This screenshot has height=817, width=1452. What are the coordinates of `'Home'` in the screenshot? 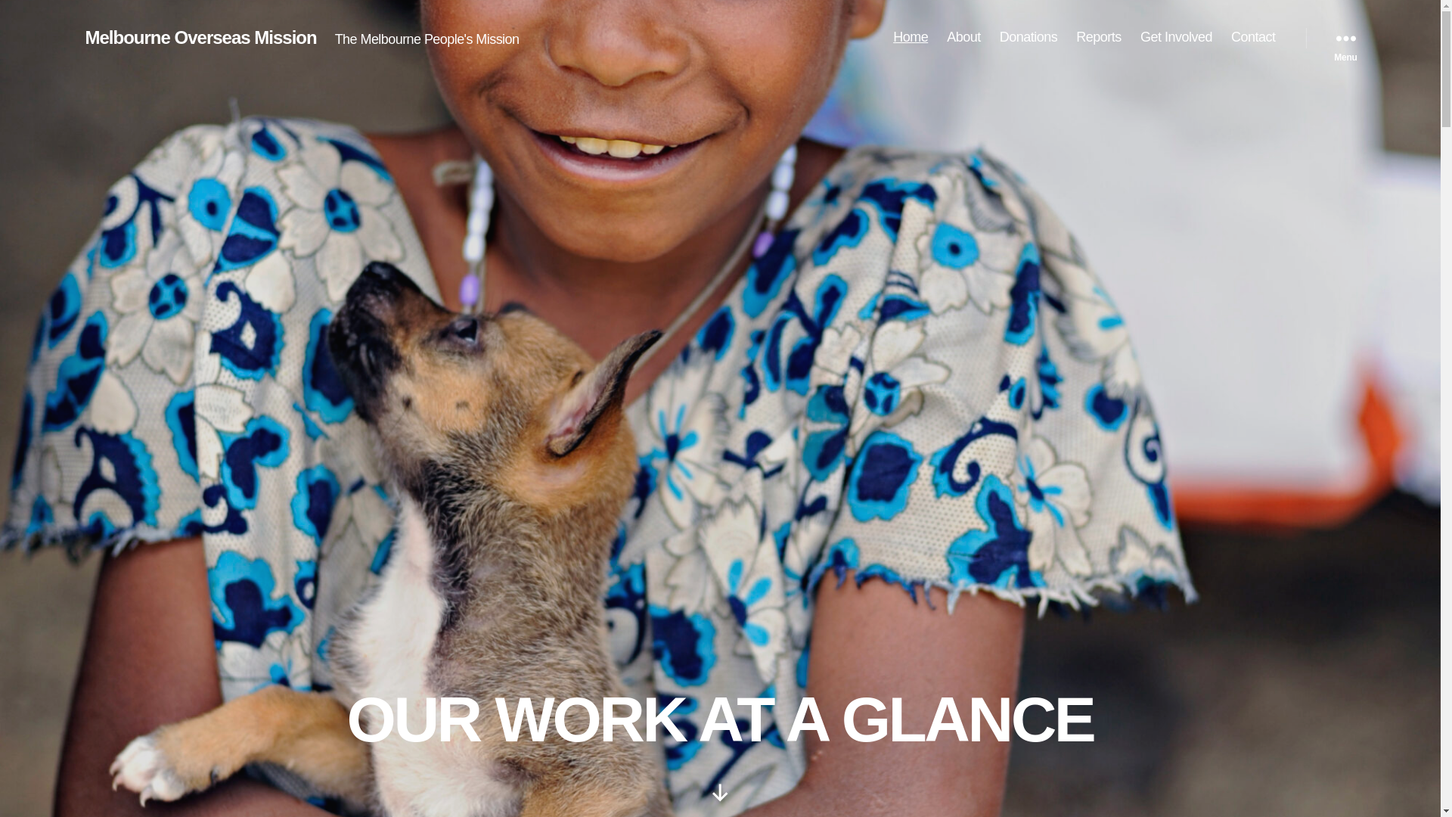 It's located at (910, 37).